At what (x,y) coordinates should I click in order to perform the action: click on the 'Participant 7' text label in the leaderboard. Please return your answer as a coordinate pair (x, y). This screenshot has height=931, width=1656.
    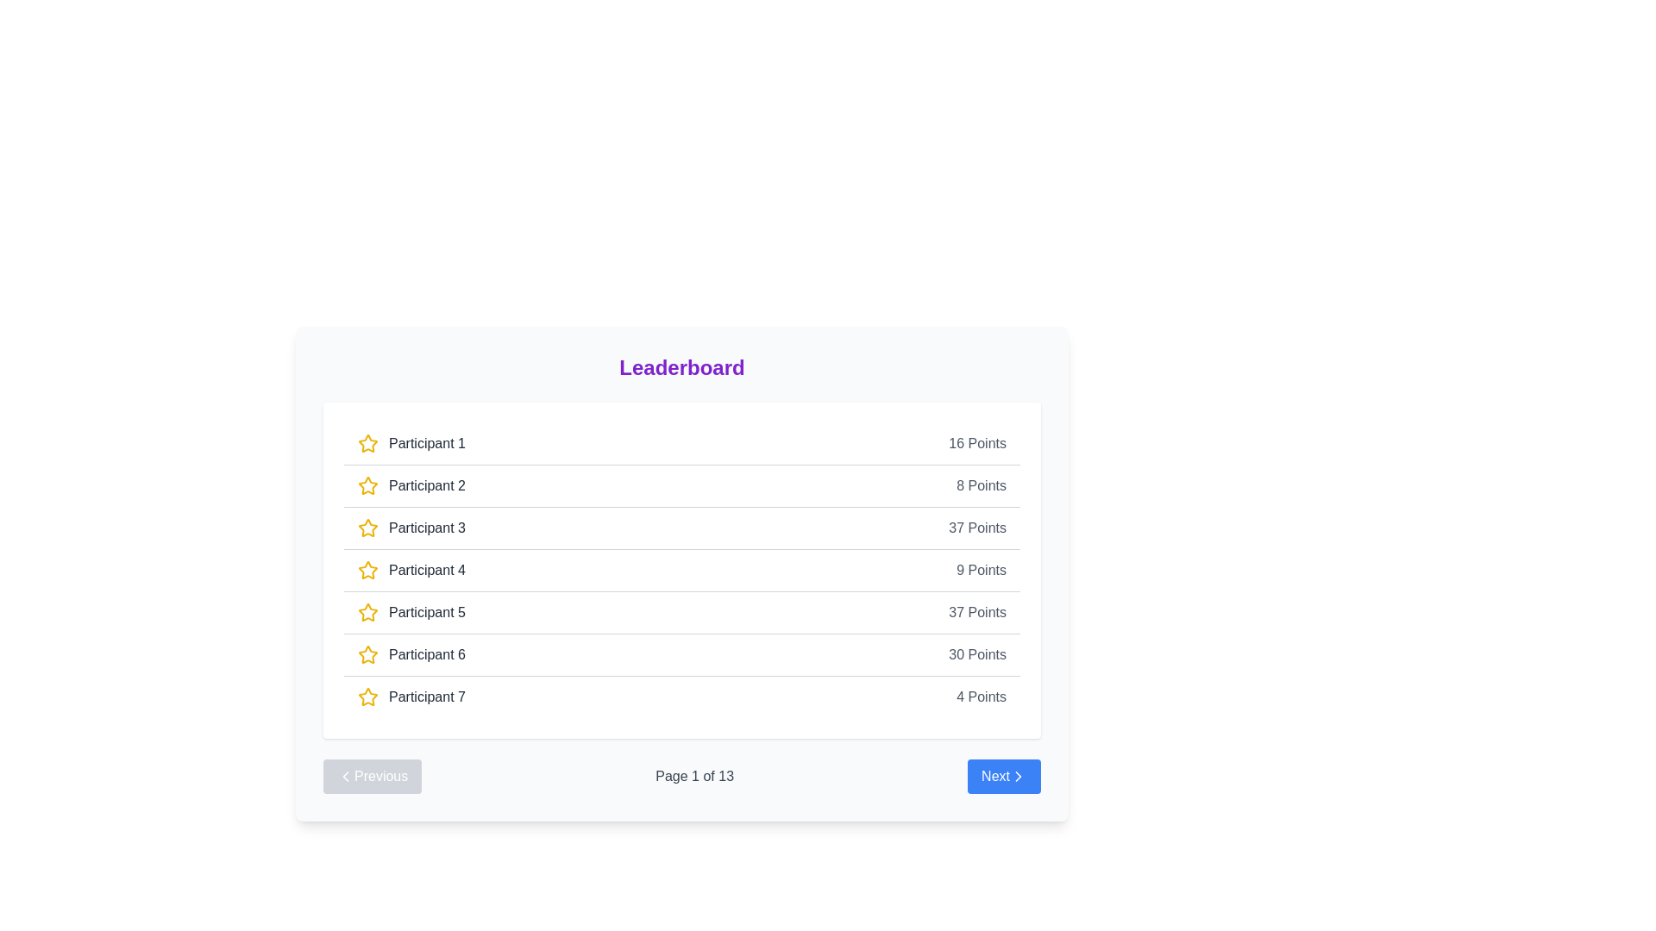
    Looking at the image, I should click on (427, 697).